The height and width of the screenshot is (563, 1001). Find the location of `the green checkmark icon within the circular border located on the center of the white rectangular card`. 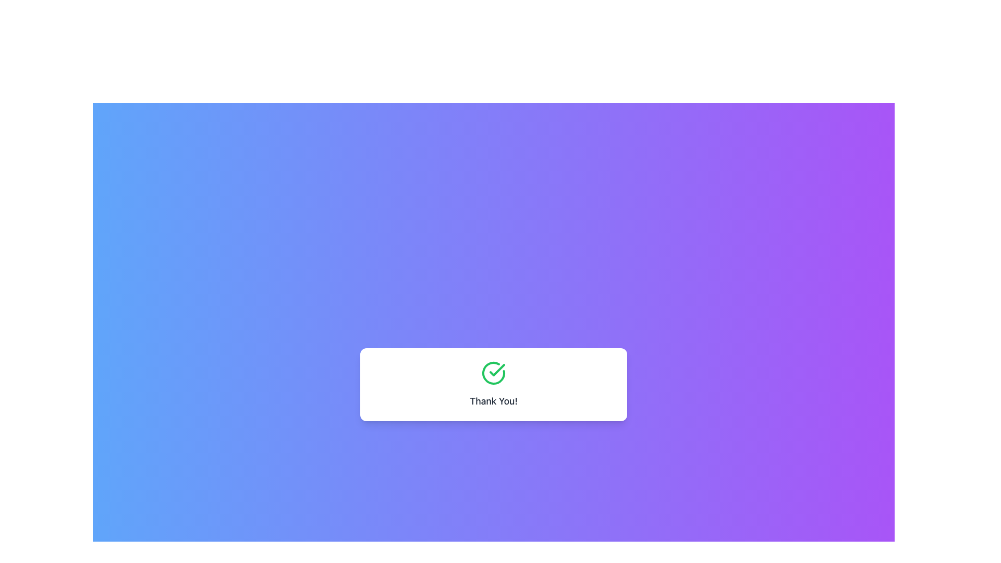

the green checkmark icon within the circular border located on the center of the white rectangular card is located at coordinates (497, 369).